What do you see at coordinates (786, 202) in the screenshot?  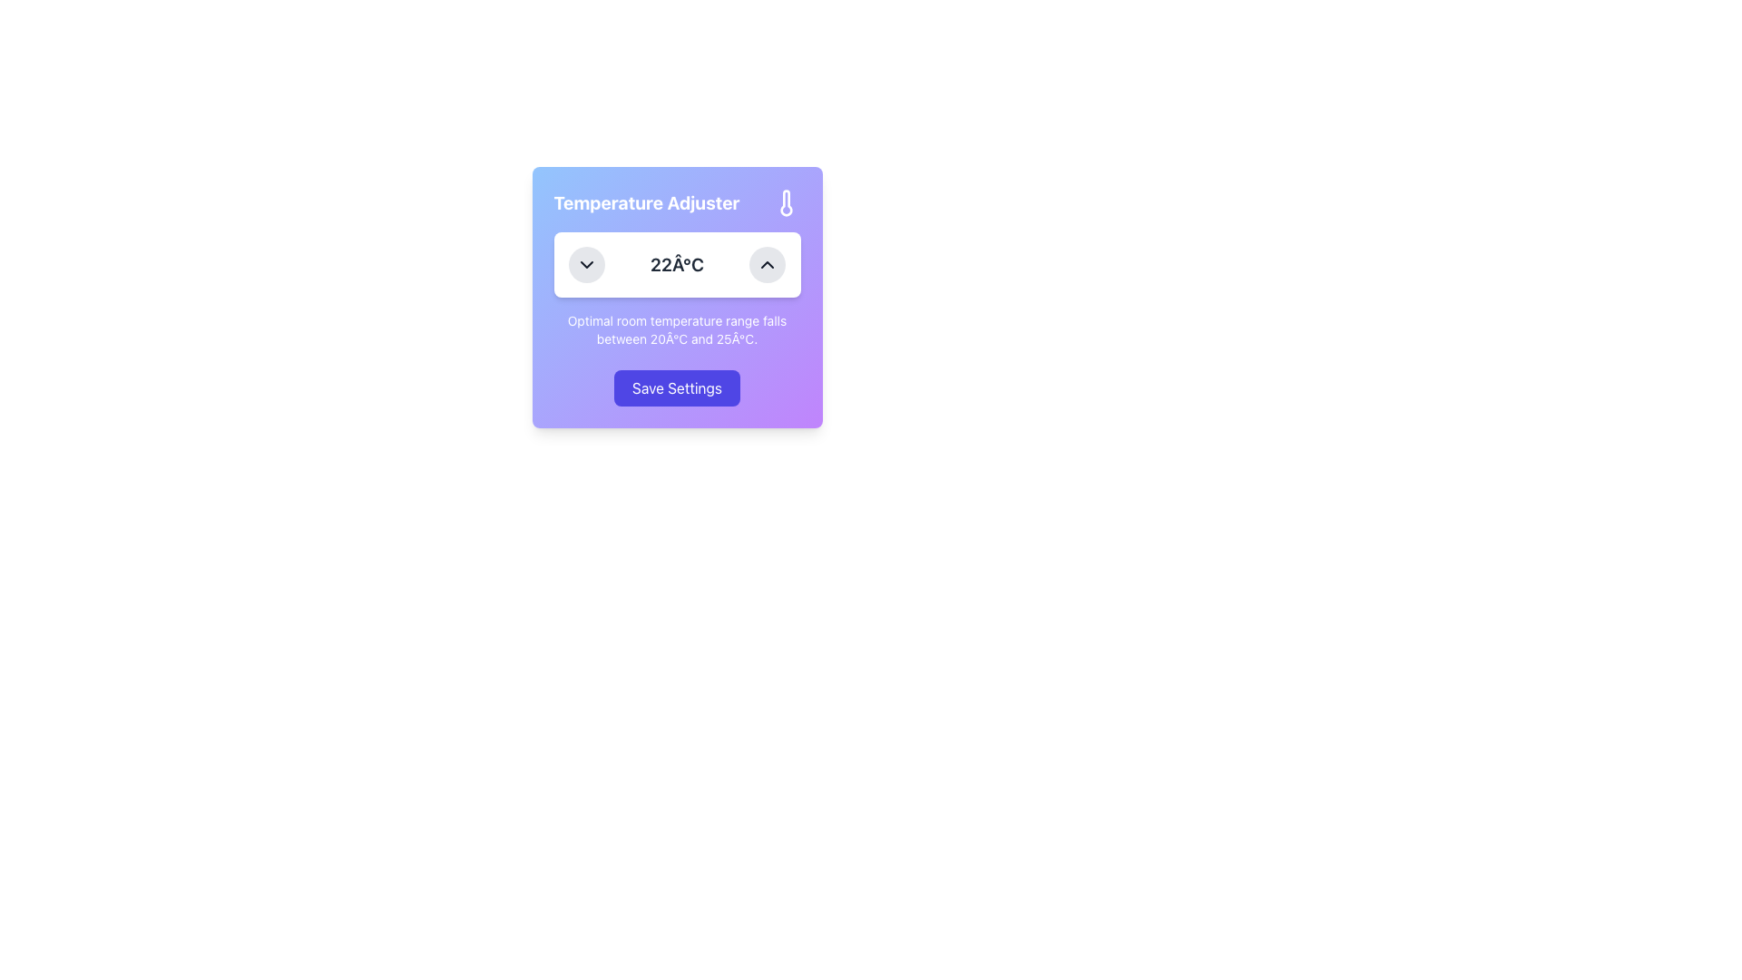 I see `the small white thermometer icon located at the top-right corner of the 'Temperature Adjuster' section, aligned with the title text` at bounding box center [786, 202].